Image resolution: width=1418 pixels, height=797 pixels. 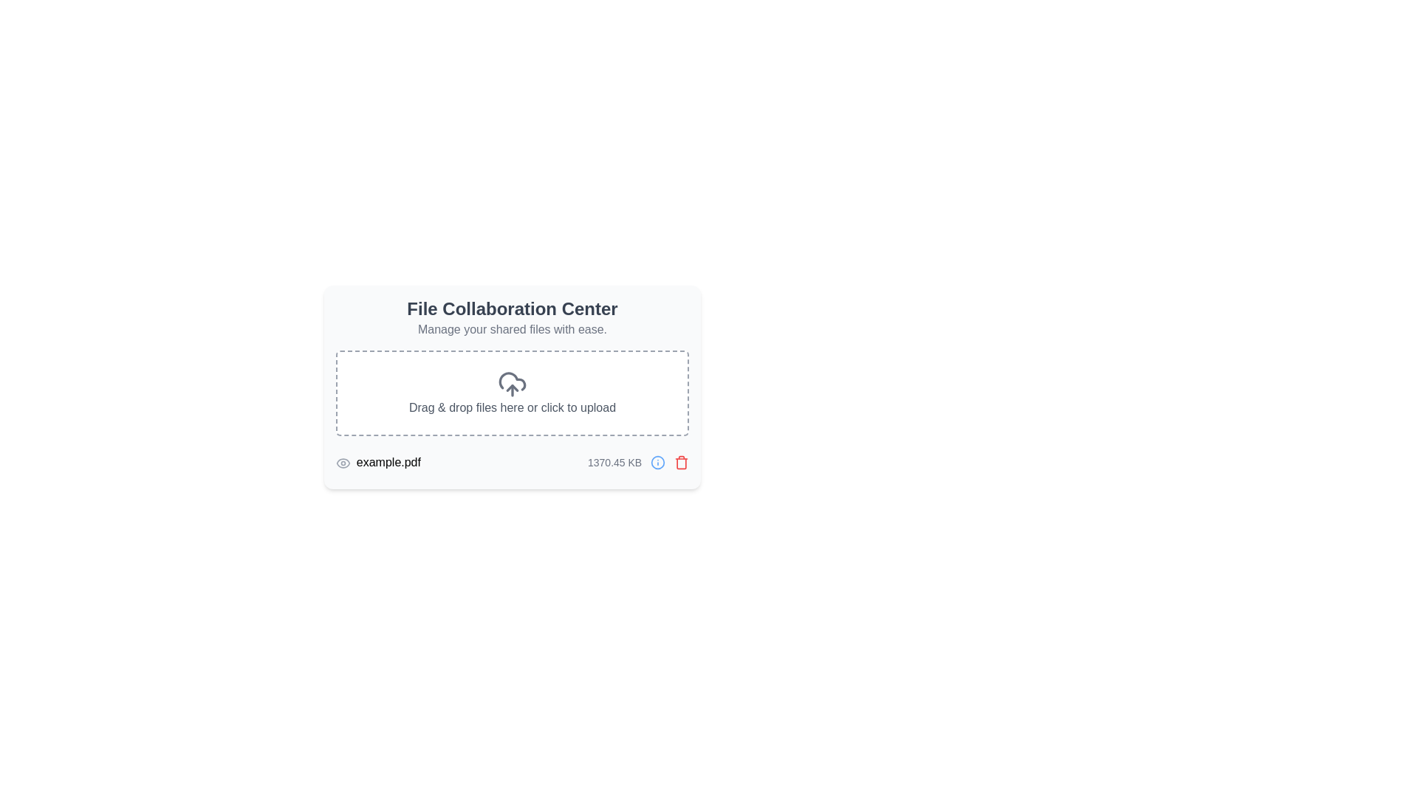 What do you see at coordinates (513, 407) in the screenshot?
I see `the static text component that says 'Drag & drop files here or click to upload', which is styled in gray and is centrally located below a cloud upload icon` at bounding box center [513, 407].